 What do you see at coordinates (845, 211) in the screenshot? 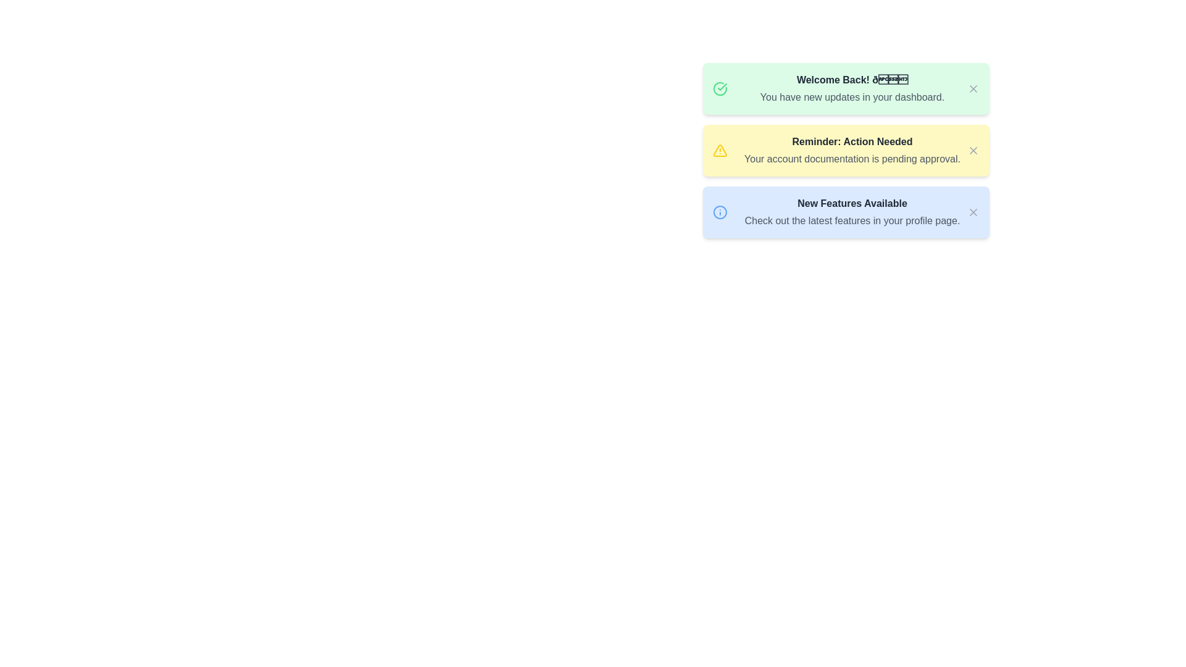
I see `the close button (X) on the notification panel titled 'New Features Available'` at bounding box center [845, 211].